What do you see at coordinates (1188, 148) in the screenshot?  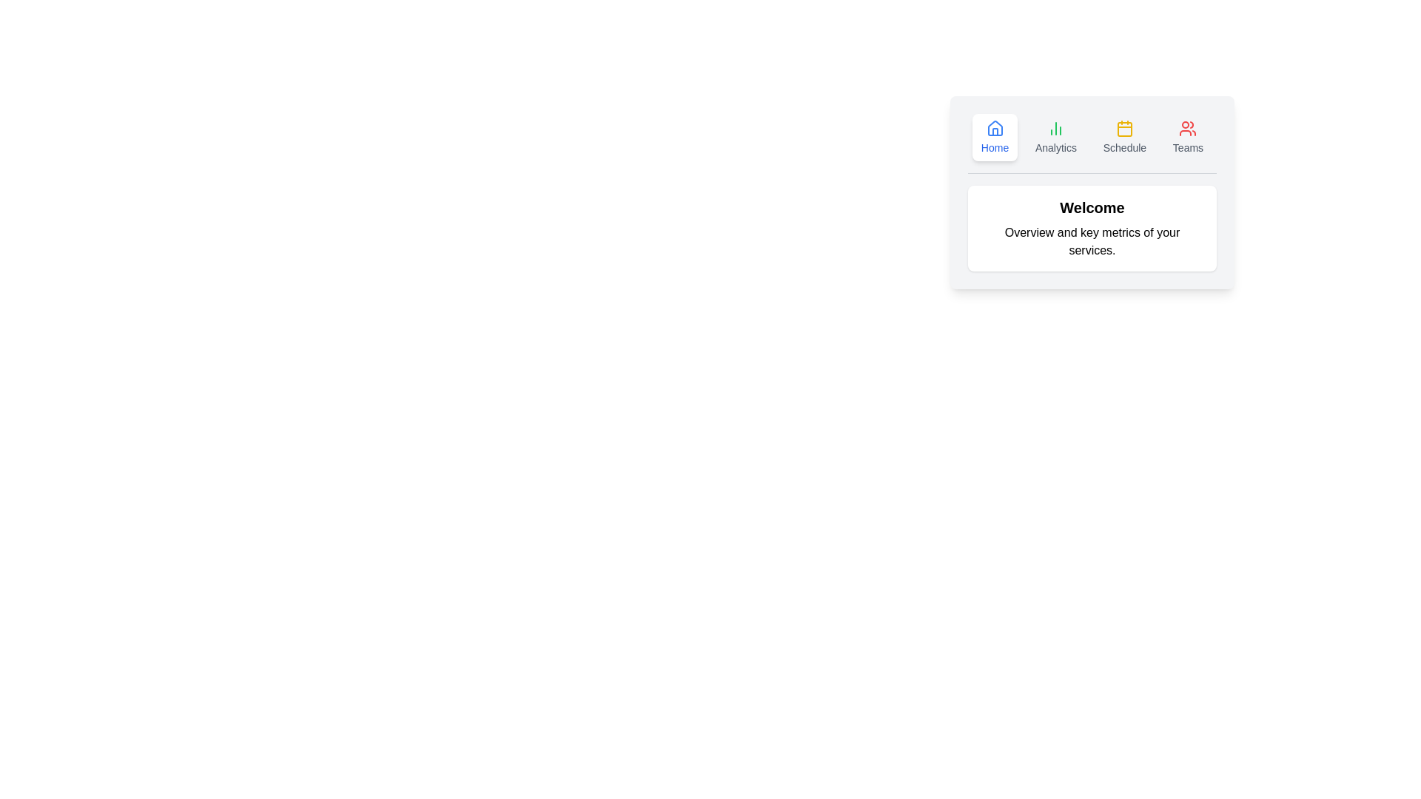 I see `text label displaying 'Teams', which is styled with a smaller font size and medium weight, located in the top-right corner of a panel, below an icon representing user groups` at bounding box center [1188, 148].